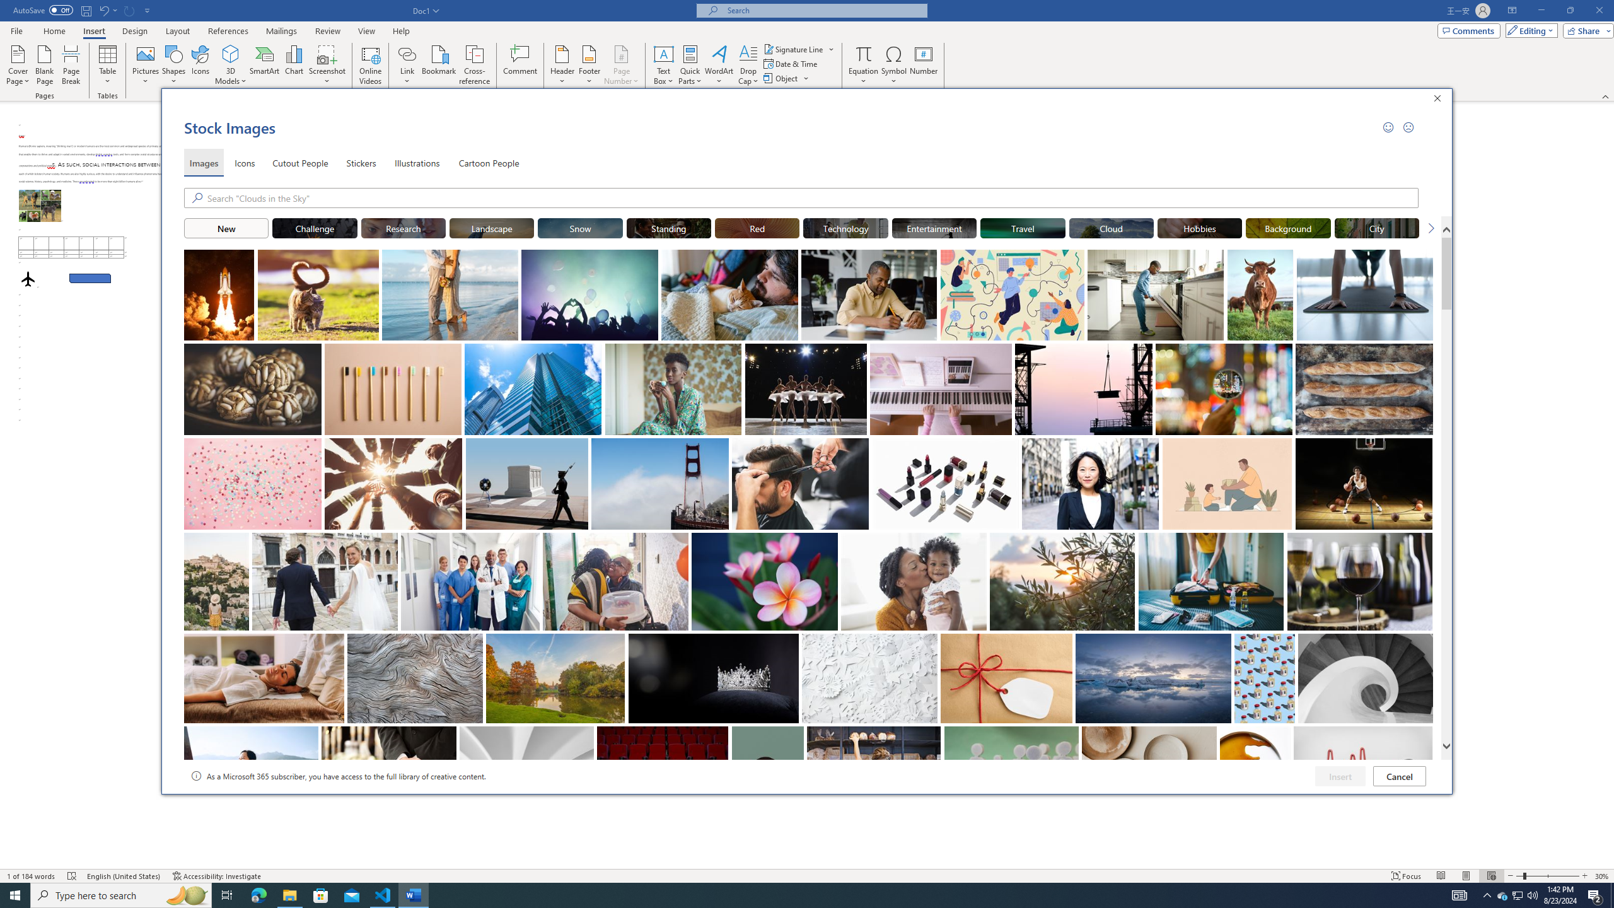 This screenshot has height=908, width=1614. I want to click on '"Snow" Stock Images.', so click(580, 227).